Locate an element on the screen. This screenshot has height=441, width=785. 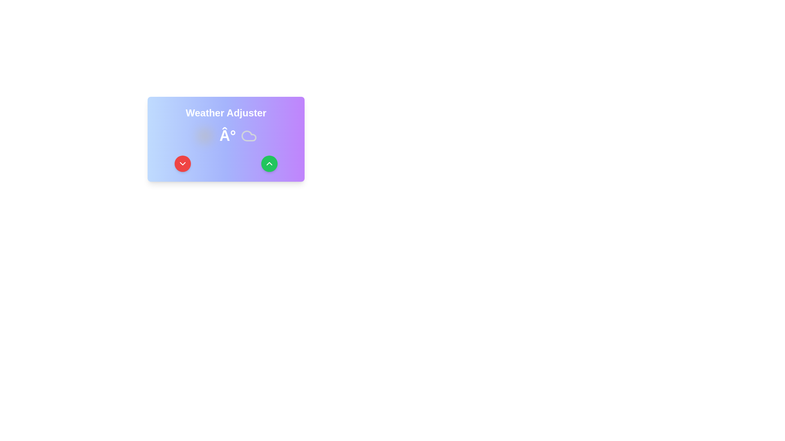
the static text label representing a degree symbol, which is positioned to the right of a sun icon and to the left of a cloud icon within the 'Weather Adjuster' widget is located at coordinates (227, 135).